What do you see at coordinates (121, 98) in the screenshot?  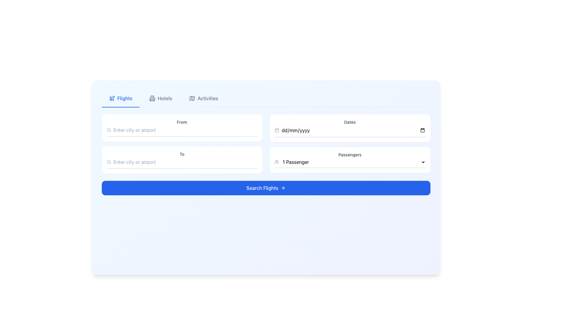 I see `the 'Flights' tab with a blue airplane icon` at bounding box center [121, 98].